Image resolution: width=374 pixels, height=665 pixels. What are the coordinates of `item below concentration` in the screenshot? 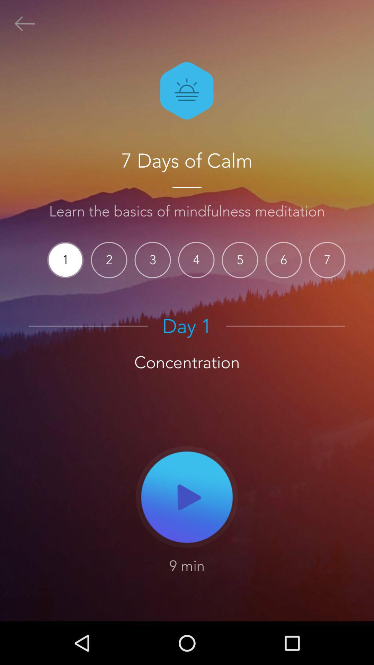 It's located at (187, 496).